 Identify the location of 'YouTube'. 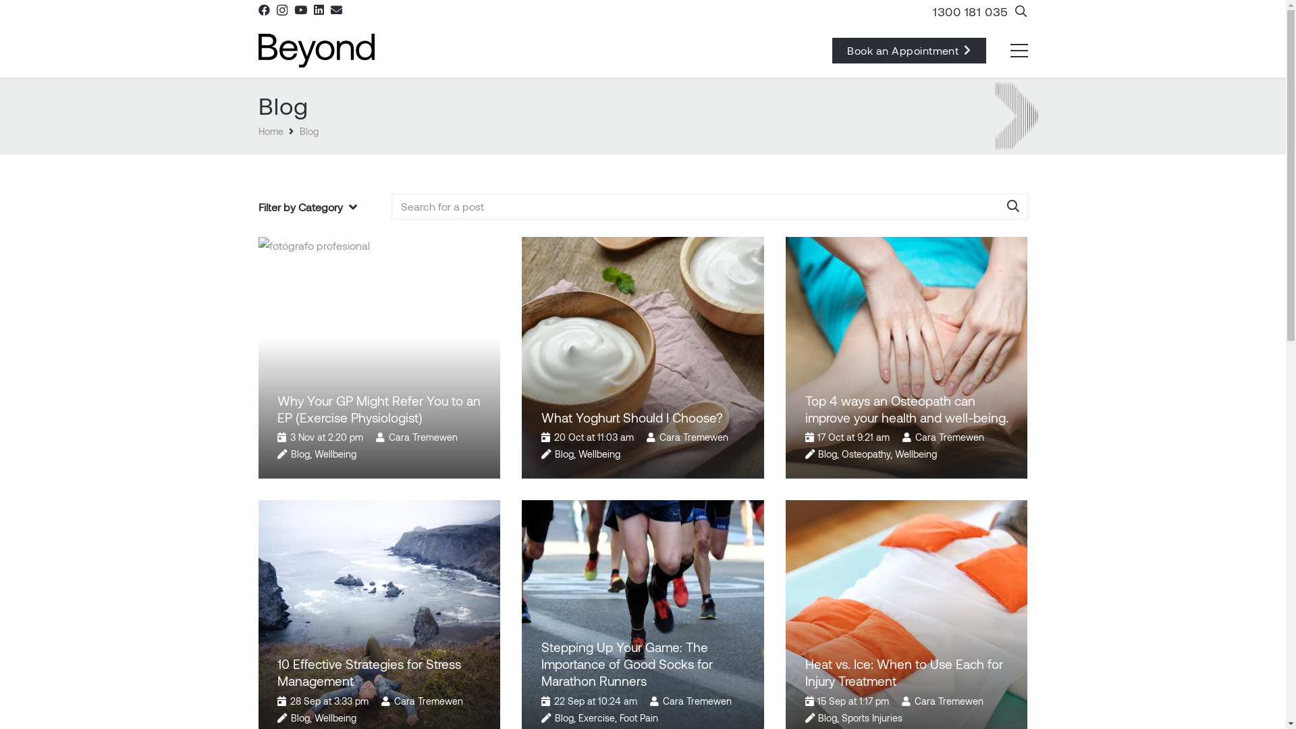
(718, 589).